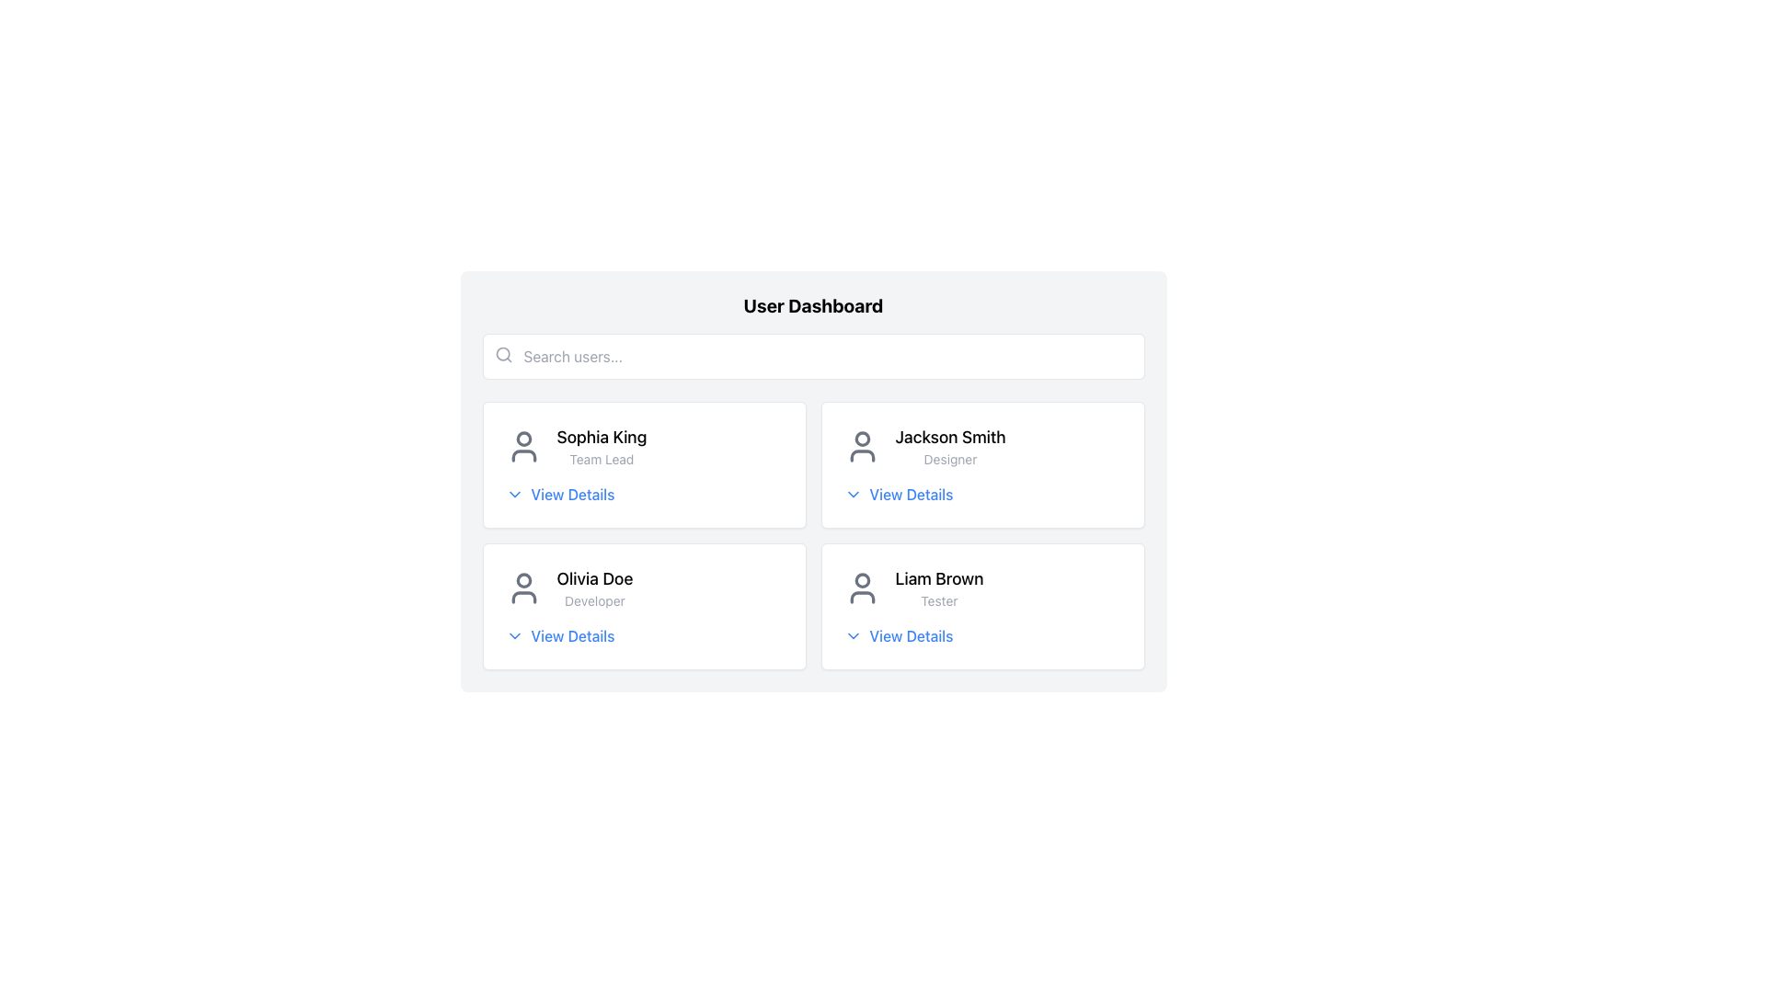 The width and height of the screenshot is (1766, 993). I want to click on the static text label reading 'Developer' located below the name 'Olivia Doe' in the user profile section, so click(595, 601).